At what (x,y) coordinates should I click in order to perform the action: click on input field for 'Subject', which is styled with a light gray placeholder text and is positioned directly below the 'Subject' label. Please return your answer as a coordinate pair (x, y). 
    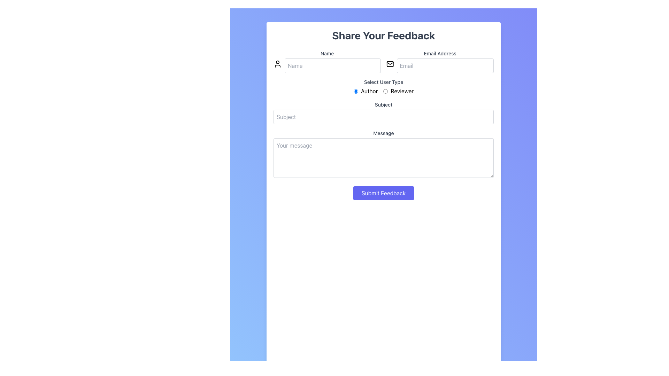
    Looking at the image, I should click on (383, 116).